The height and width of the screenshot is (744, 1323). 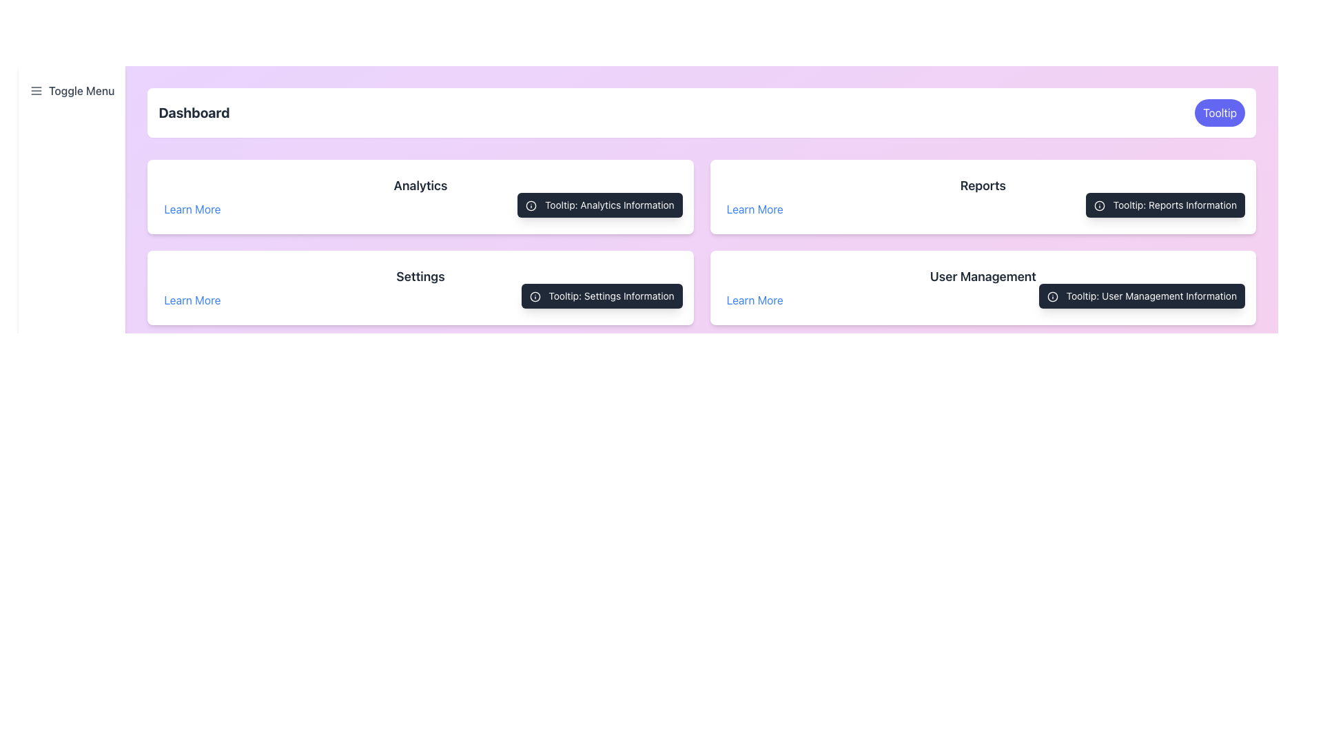 I want to click on the tooltip located in the 'Settings' section, positioned to the right of the 'Settings' title, to observe the information displayed, so click(x=602, y=295).